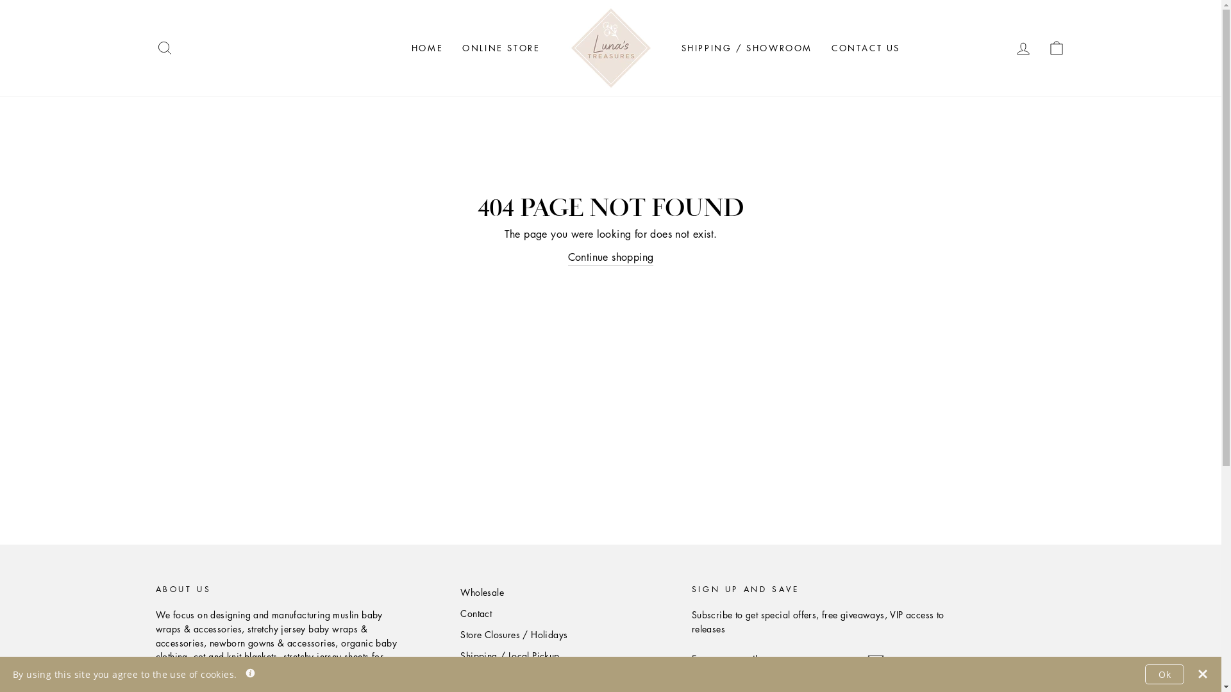 The height and width of the screenshot is (692, 1231). Describe the element at coordinates (509, 655) in the screenshot. I see `'Shipping / Local Pickup'` at that location.